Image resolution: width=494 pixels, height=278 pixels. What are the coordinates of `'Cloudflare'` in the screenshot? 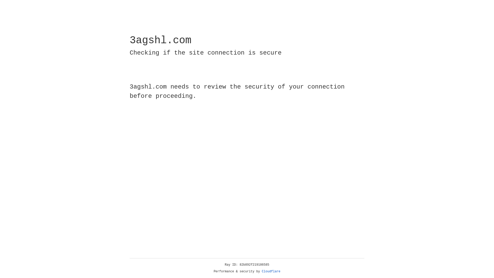 It's located at (271, 271).